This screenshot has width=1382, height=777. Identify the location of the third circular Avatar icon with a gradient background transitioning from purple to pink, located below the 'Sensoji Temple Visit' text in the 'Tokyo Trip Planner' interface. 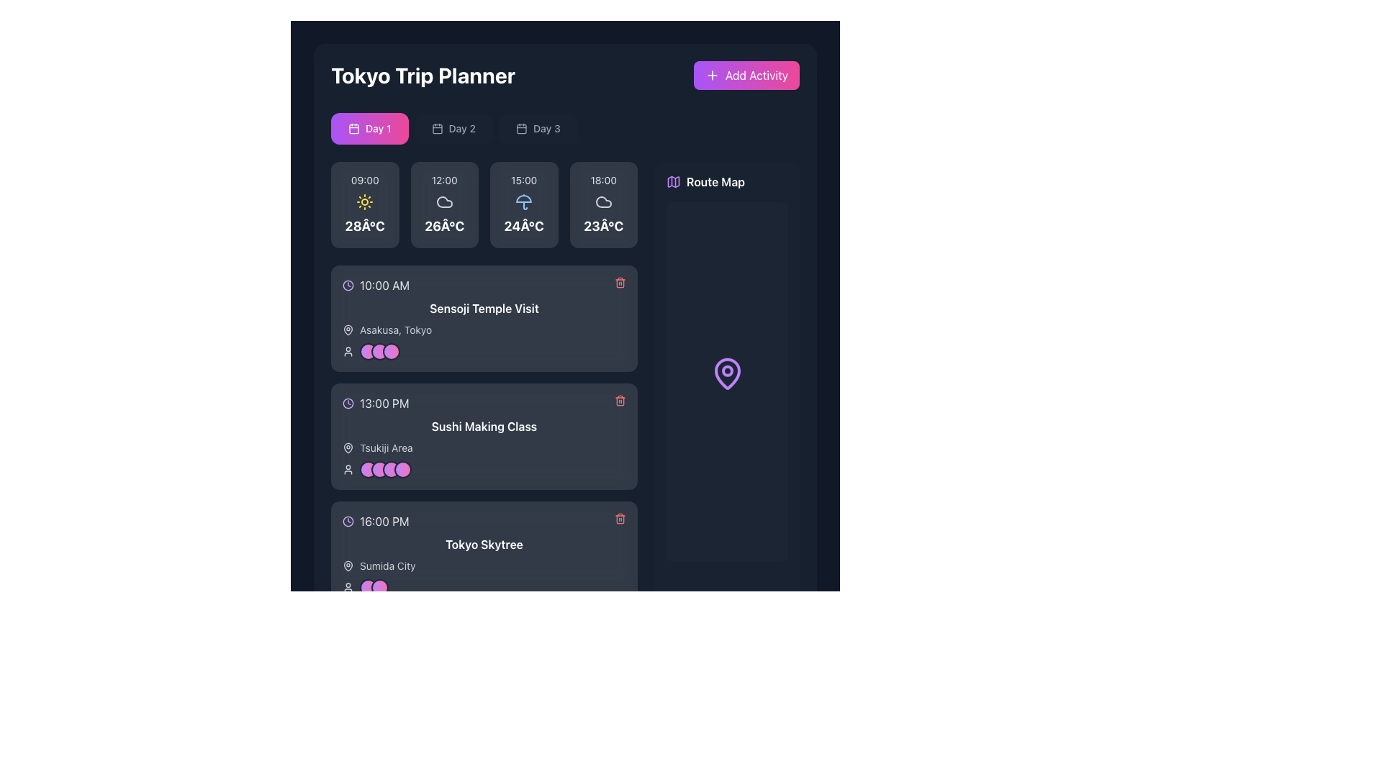
(391, 352).